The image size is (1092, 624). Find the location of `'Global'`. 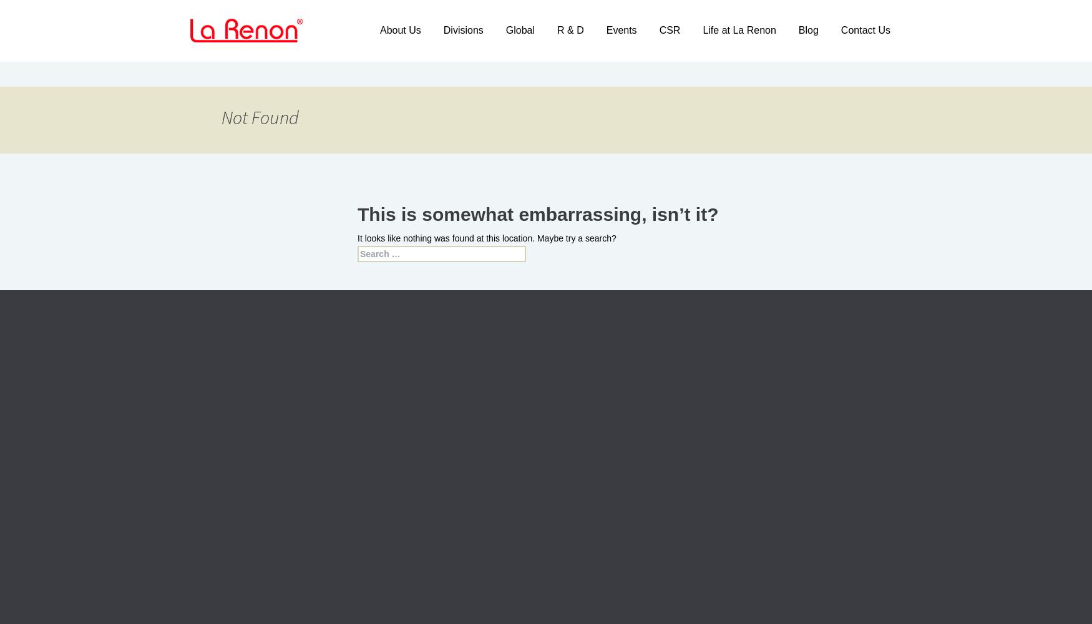

'Global' is located at coordinates (505, 30).